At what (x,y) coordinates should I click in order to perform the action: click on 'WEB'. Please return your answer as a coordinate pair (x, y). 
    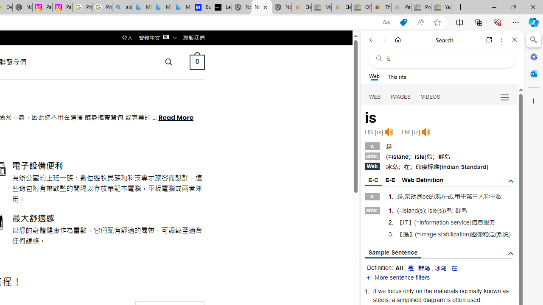
    Looking at the image, I should click on (375, 96).